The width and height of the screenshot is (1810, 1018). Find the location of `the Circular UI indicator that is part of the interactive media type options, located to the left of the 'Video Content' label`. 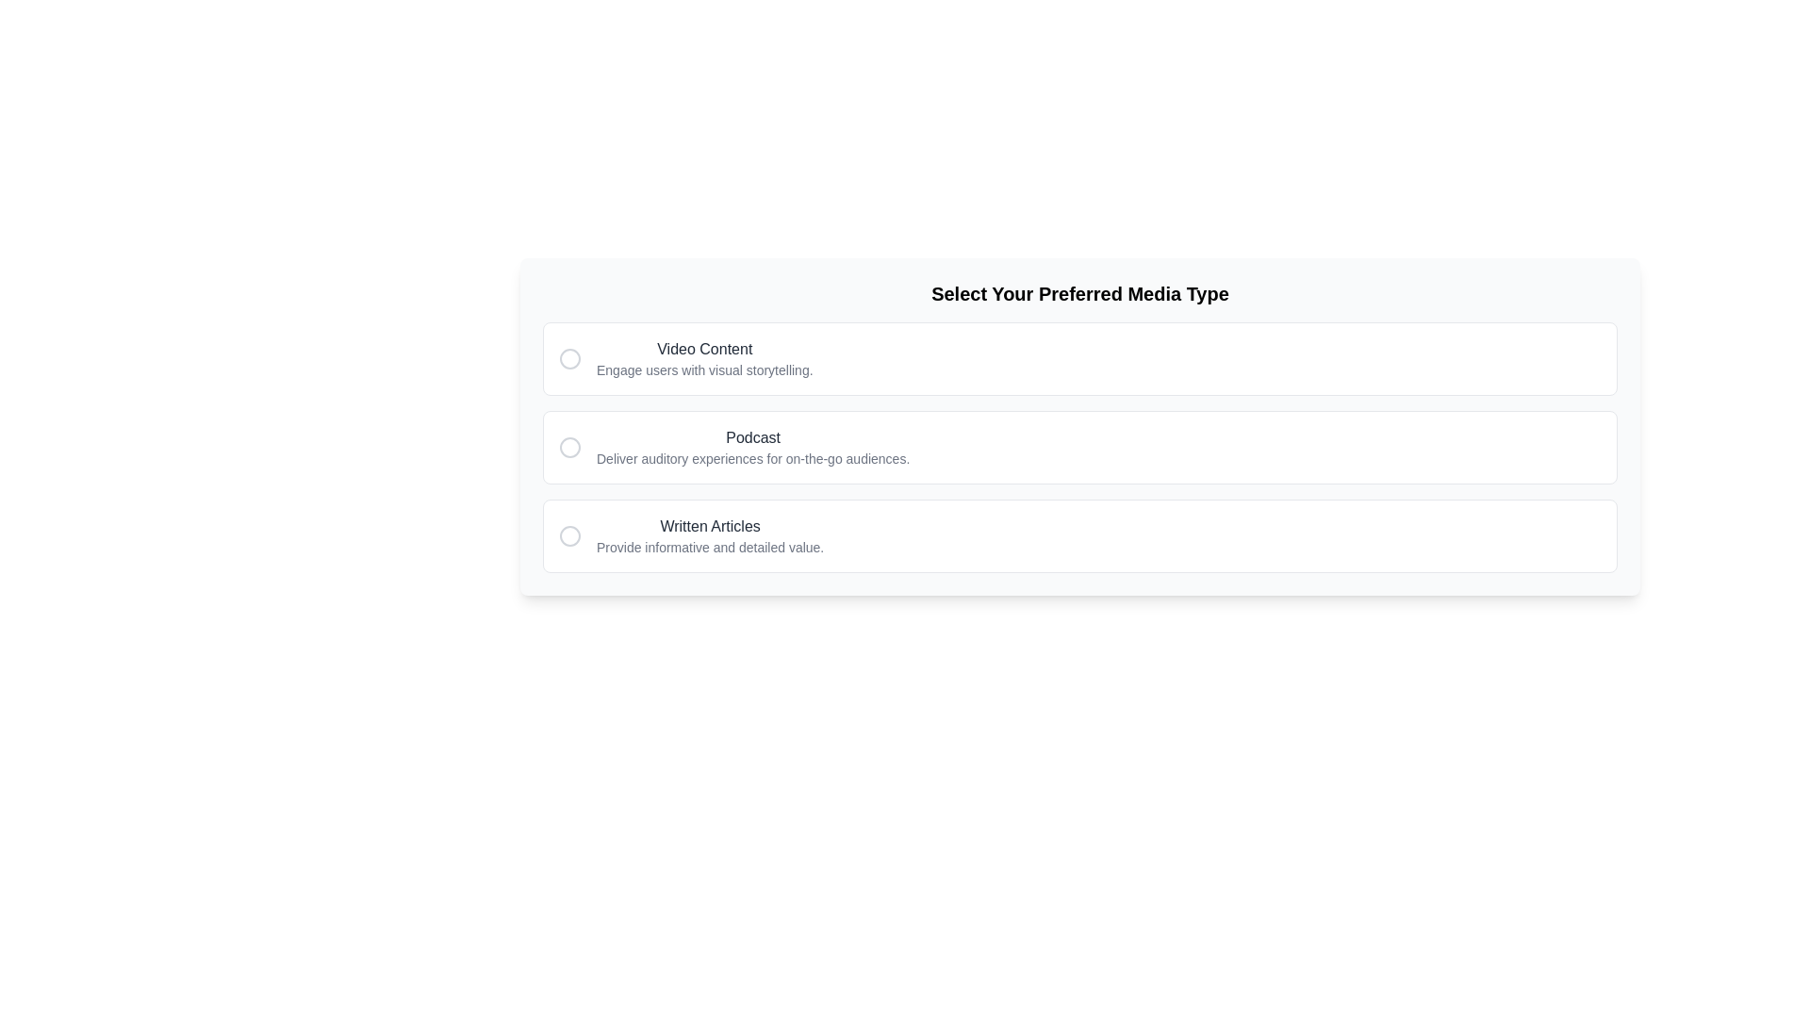

the Circular UI indicator that is part of the interactive media type options, located to the left of the 'Video Content' label is located at coordinates (568, 359).